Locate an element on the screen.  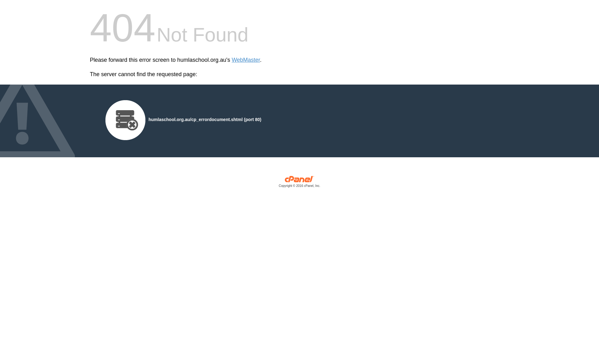
'WebMaster' is located at coordinates (246, 60).